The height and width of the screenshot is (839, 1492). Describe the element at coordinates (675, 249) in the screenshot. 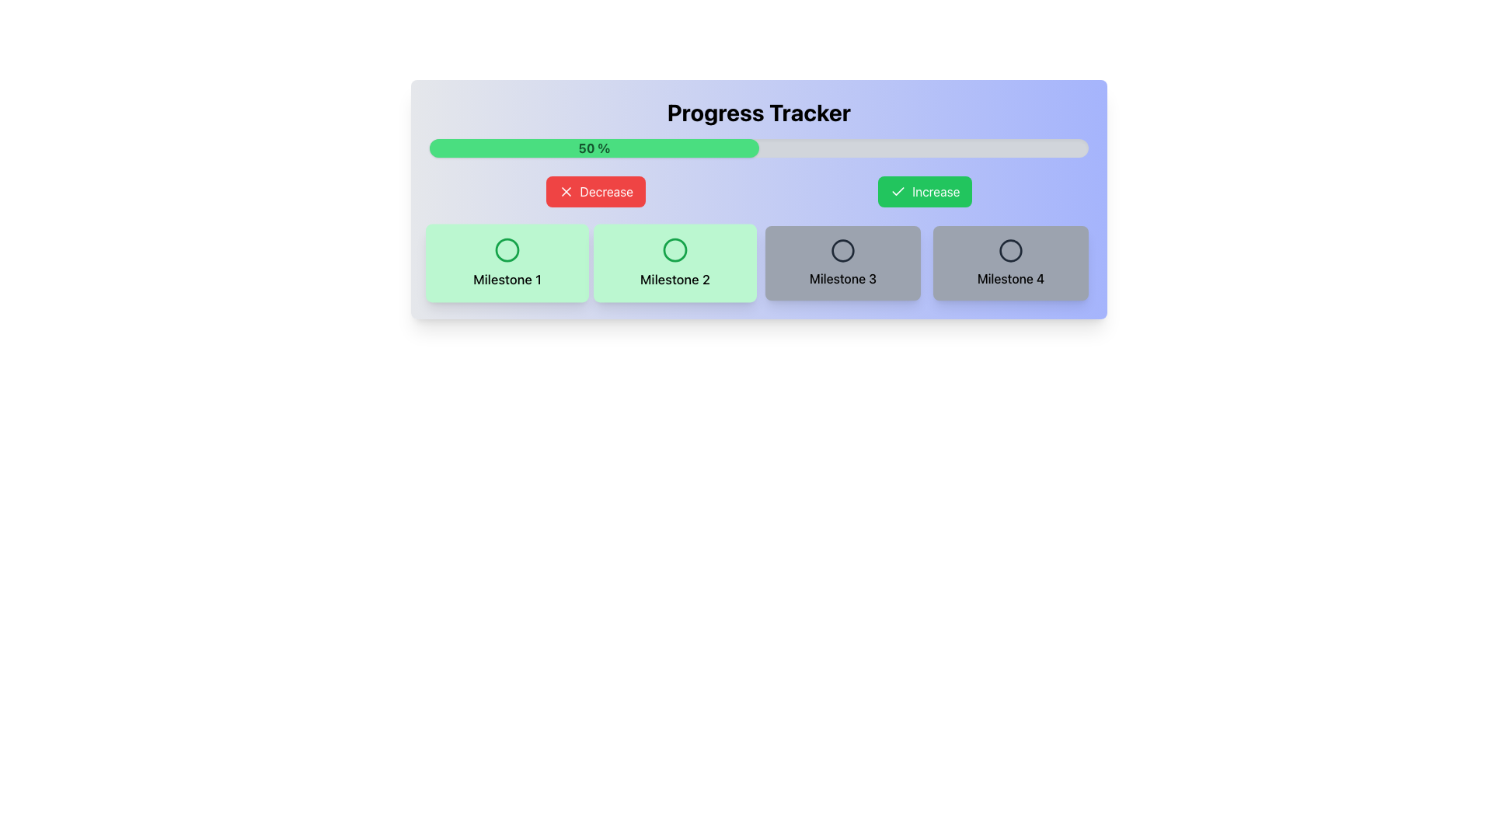

I see `the circular icon representing the second milestone in the progress tracker for 'Milestone 2'` at that location.